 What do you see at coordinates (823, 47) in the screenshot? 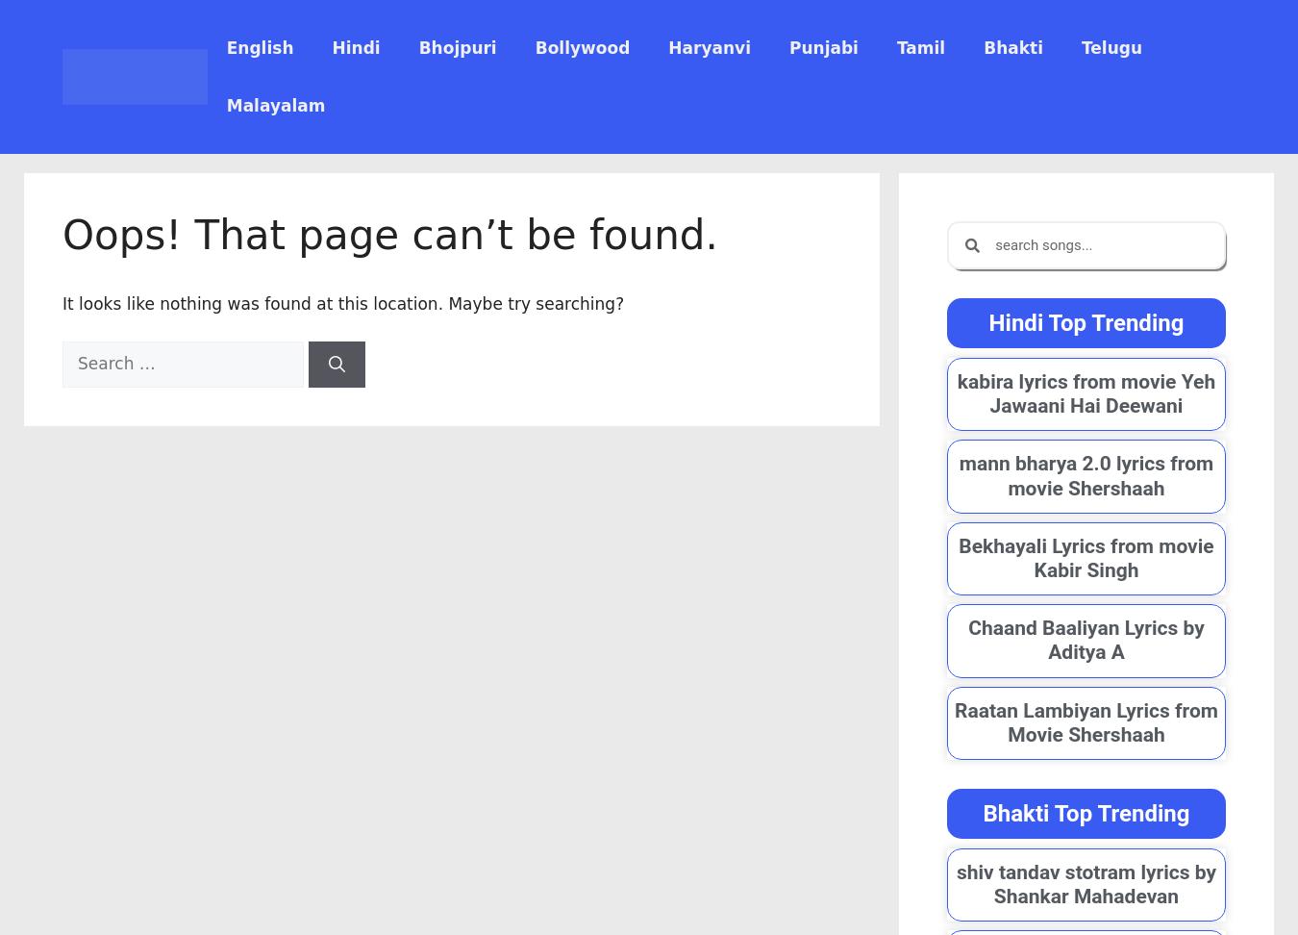
I see `'Punjabi'` at bounding box center [823, 47].